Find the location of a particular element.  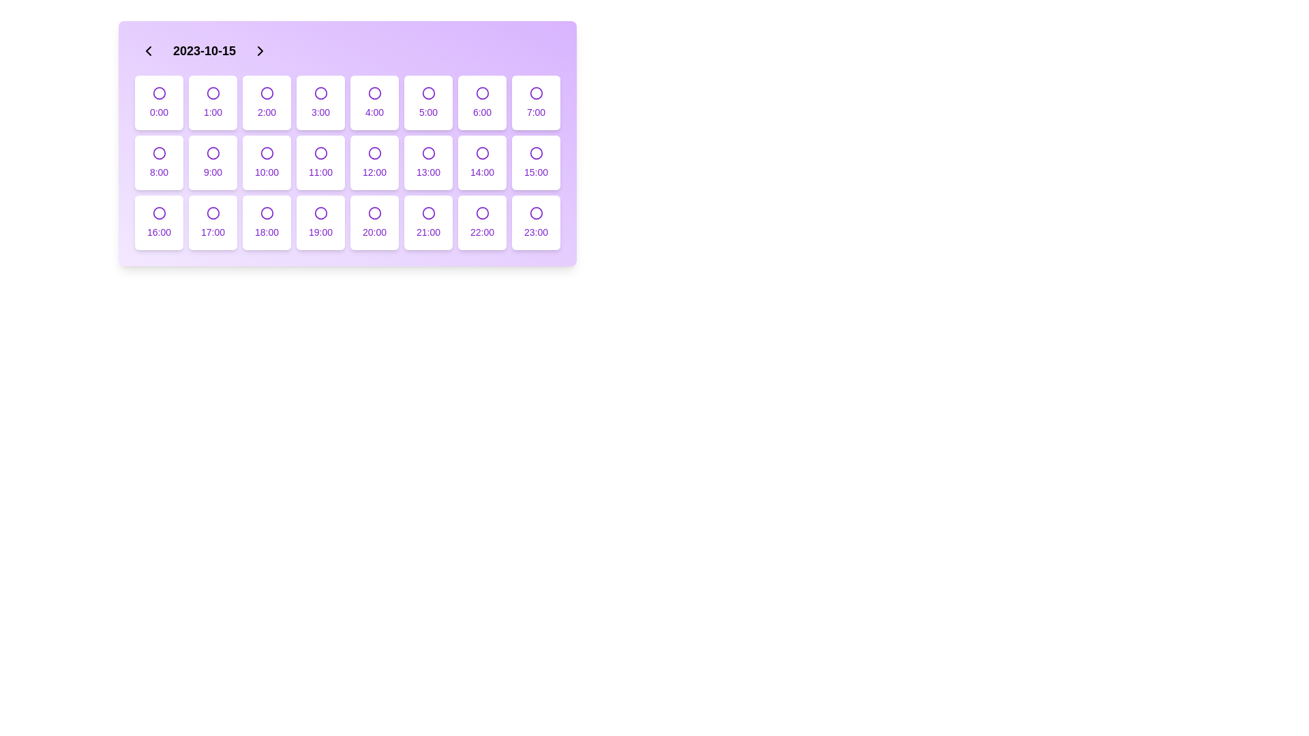

the unselected icon representing the '19:00' time slot in the scheduler component is located at coordinates (320, 213).